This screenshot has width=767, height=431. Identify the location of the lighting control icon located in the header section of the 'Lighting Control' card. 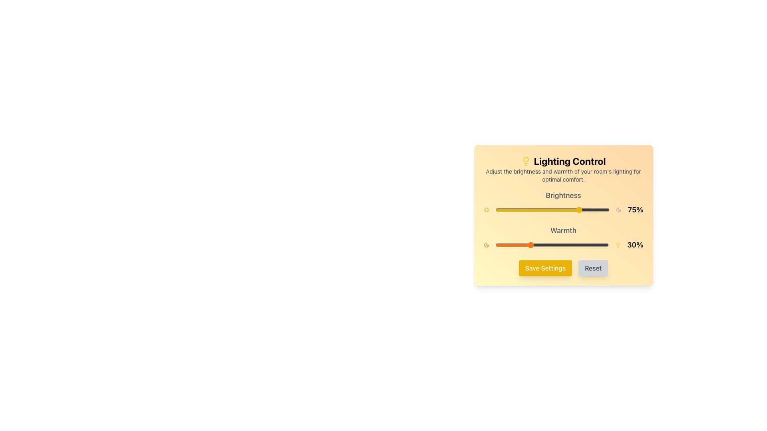
(526, 161).